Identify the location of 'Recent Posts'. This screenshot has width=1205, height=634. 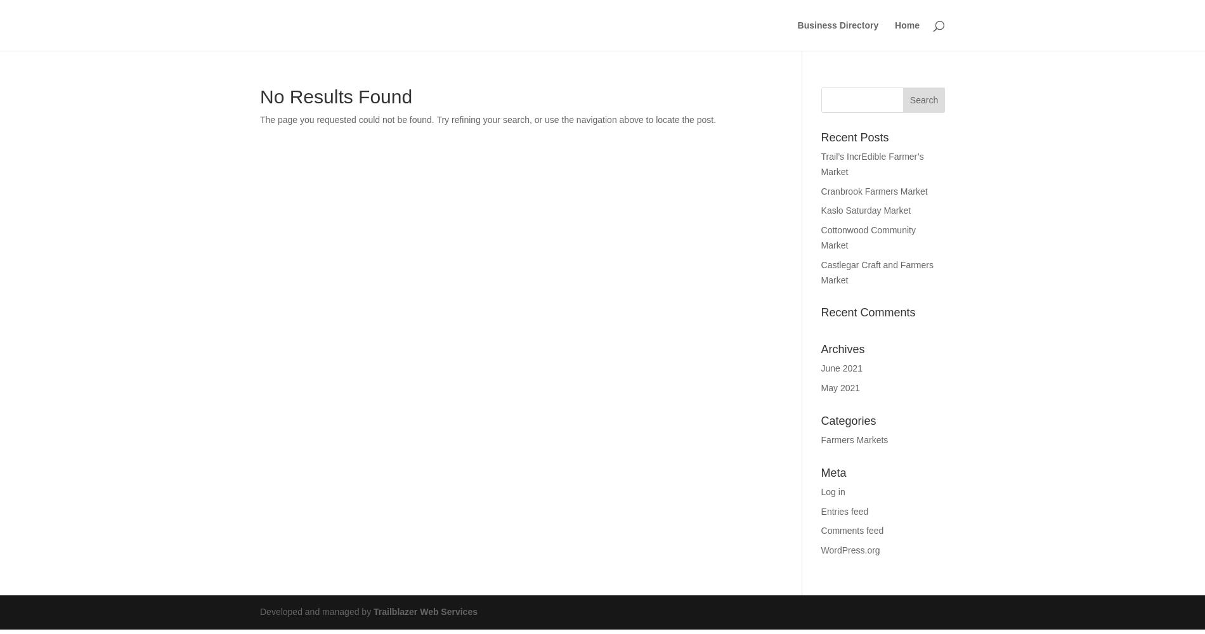
(854, 137).